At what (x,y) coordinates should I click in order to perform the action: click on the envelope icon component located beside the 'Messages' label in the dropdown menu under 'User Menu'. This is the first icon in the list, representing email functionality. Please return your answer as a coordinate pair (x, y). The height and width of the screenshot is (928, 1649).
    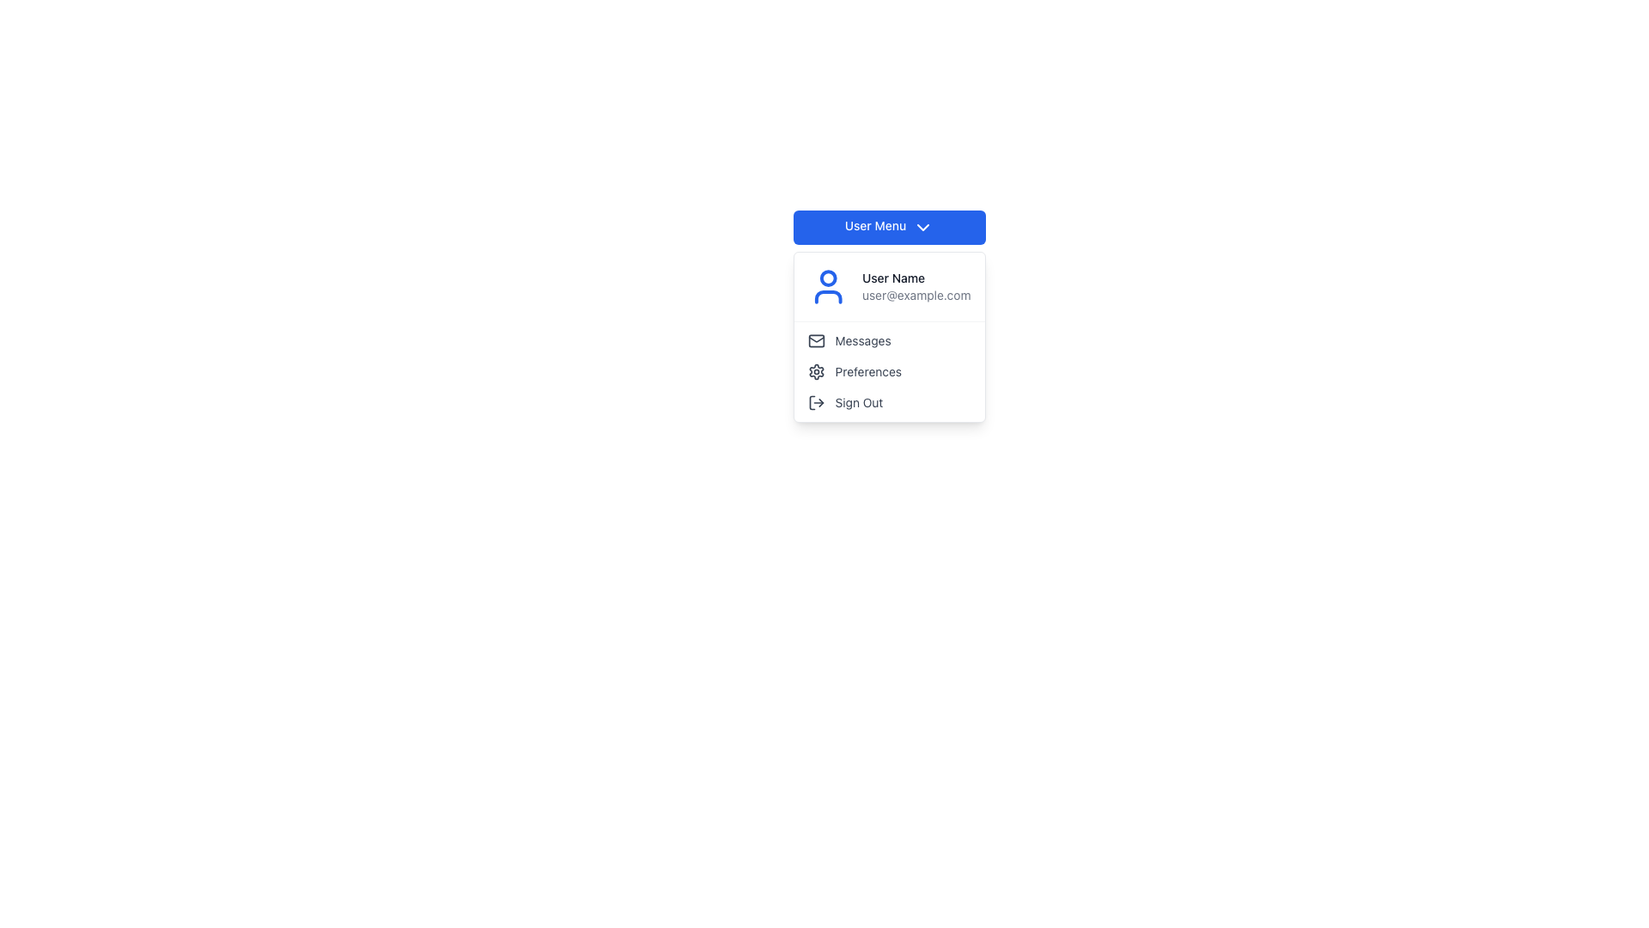
    Looking at the image, I should click on (815, 341).